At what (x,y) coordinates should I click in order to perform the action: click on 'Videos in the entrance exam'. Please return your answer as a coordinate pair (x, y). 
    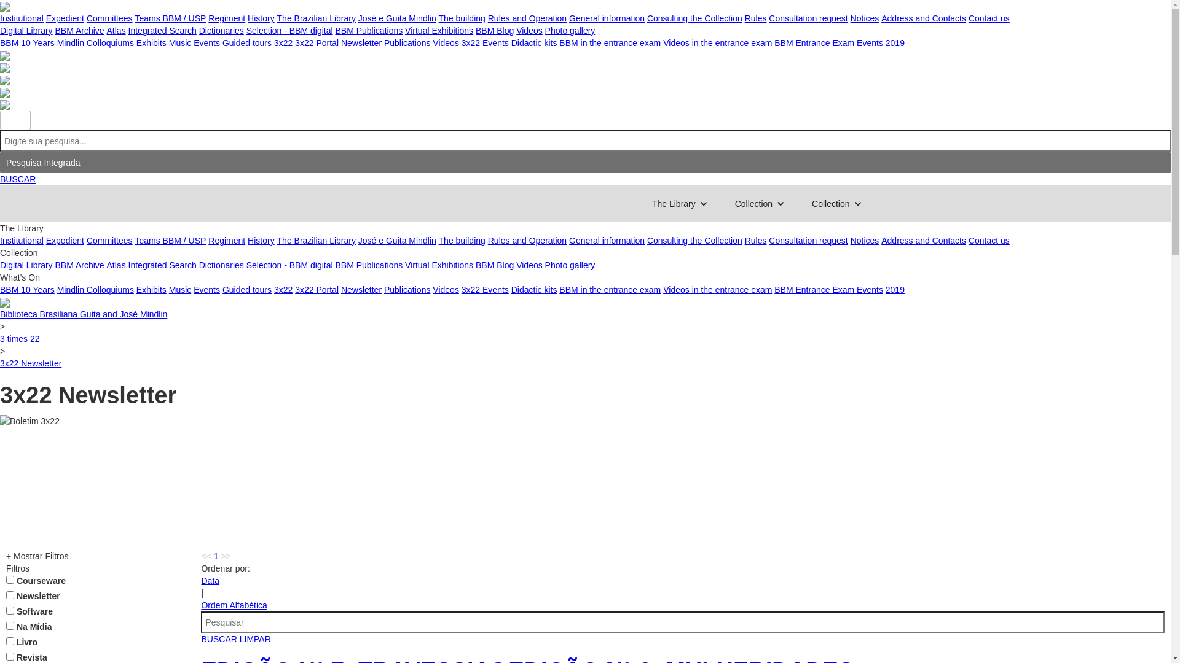
    Looking at the image, I should click on (717, 289).